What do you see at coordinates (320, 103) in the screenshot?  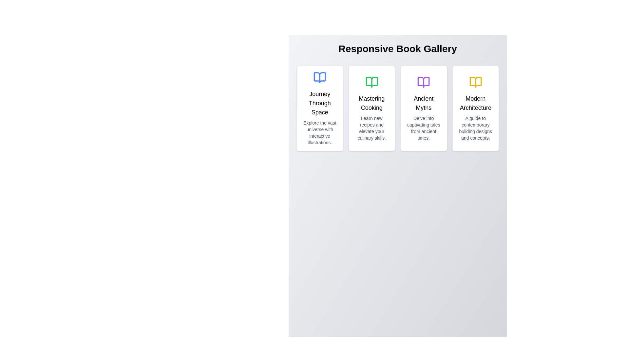 I see `the Text Label that serves as a title or heading, located below an open book icon in a blue color theme` at bounding box center [320, 103].